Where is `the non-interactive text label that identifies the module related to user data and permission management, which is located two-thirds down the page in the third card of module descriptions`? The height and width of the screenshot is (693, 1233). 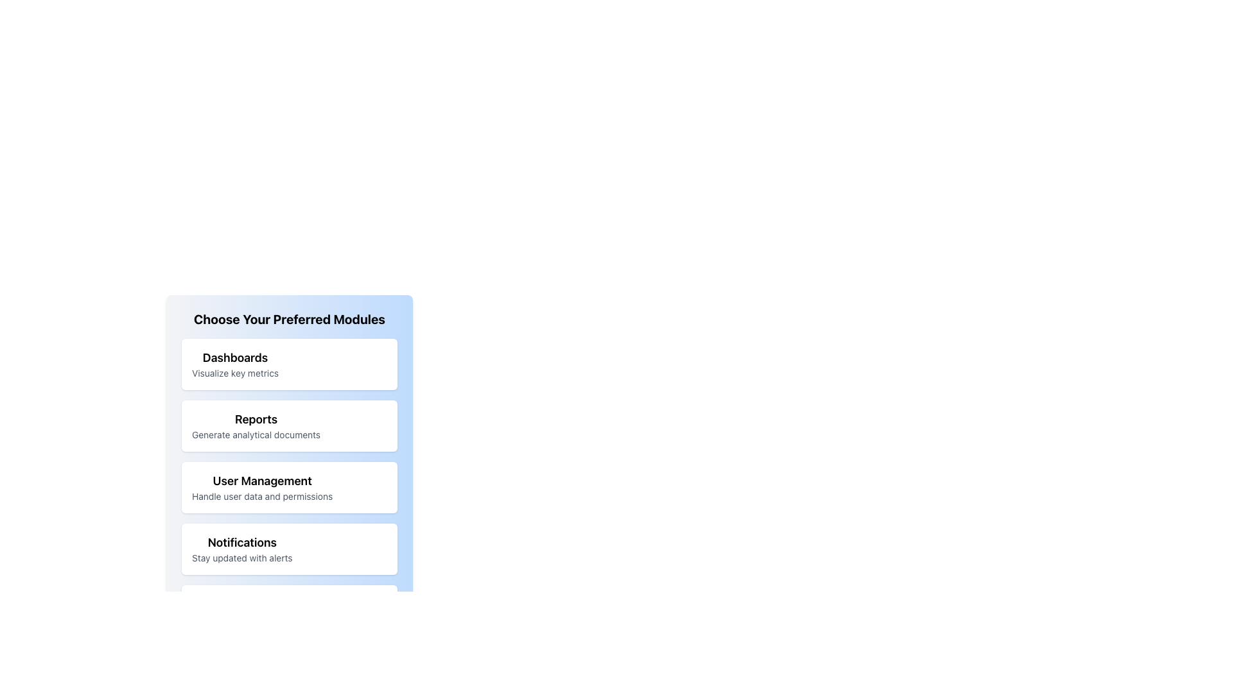
the non-interactive text label that identifies the module related to user data and permission management, which is located two-thirds down the page in the third card of module descriptions is located at coordinates (261, 481).